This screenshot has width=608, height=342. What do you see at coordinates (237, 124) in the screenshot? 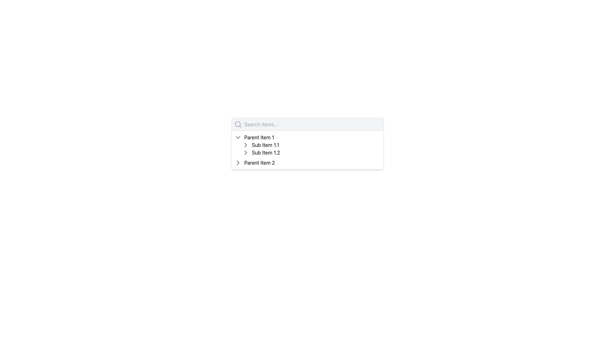
I see `the magnifying glass icon, which is located on the left side of the top section before the 'Search items...' text input field in the dropdown menu` at bounding box center [237, 124].